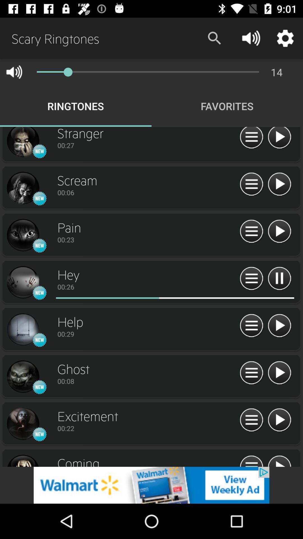 This screenshot has width=303, height=539. Describe the element at coordinates (22, 143) in the screenshot. I see `artists page` at that location.